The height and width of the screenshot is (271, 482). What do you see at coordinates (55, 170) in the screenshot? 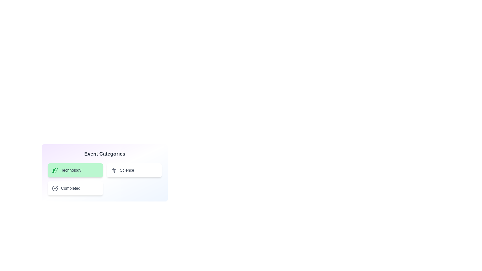
I see `the category 'Technology' by clicking its icon` at bounding box center [55, 170].